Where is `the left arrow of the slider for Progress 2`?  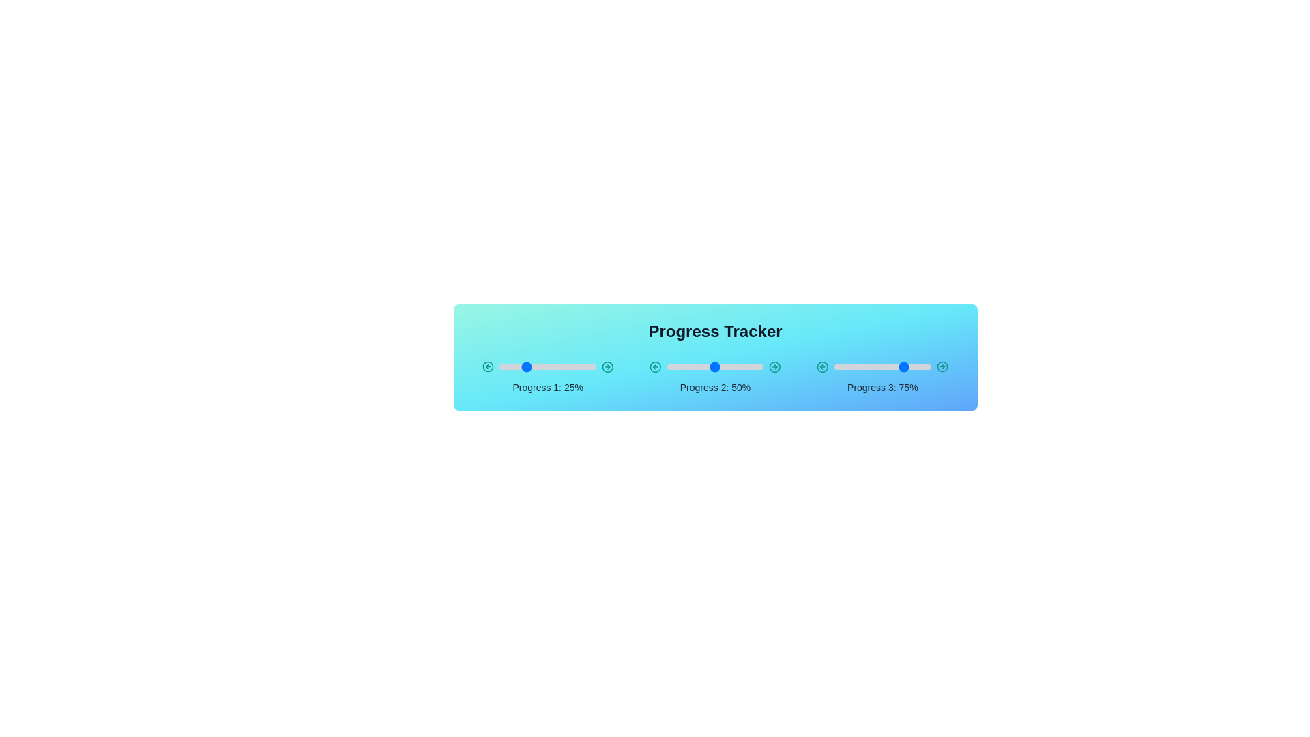
the left arrow of the slider for Progress 2 is located at coordinates (655, 366).